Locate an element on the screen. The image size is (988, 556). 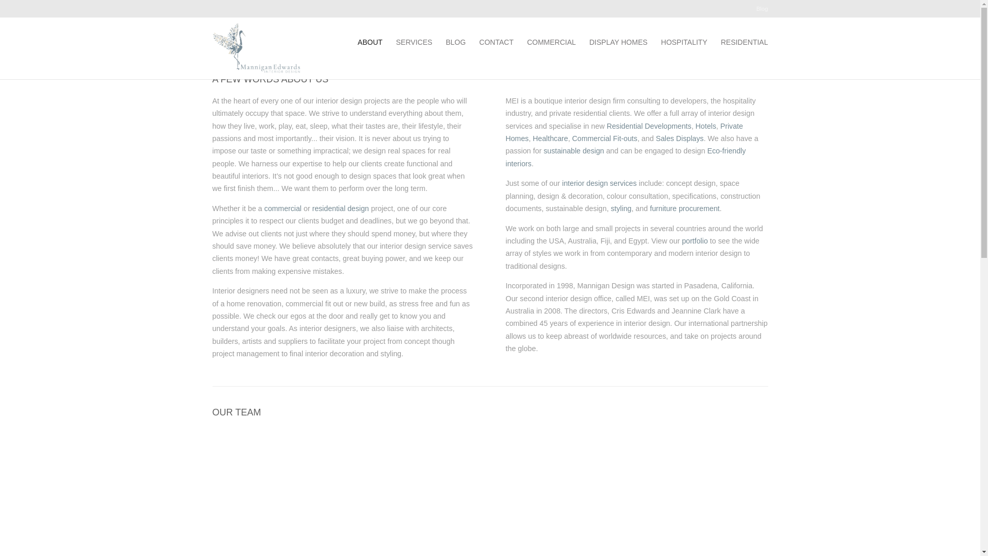
'HOSPITALITY' is located at coordinates (684, 41).